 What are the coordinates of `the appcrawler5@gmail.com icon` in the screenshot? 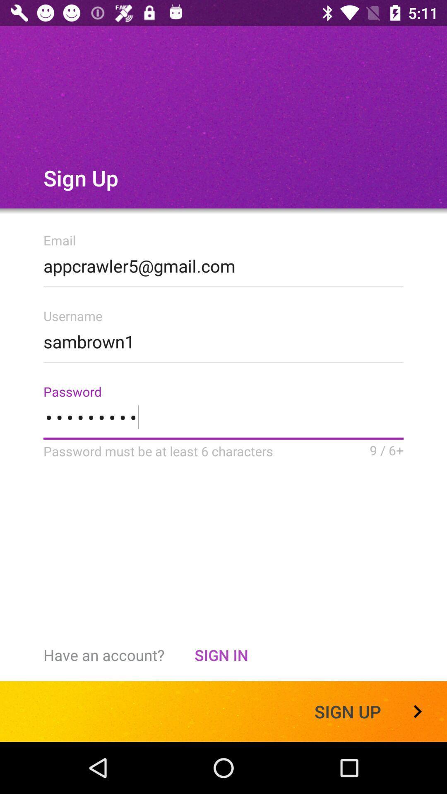 It's located at (223, 263).